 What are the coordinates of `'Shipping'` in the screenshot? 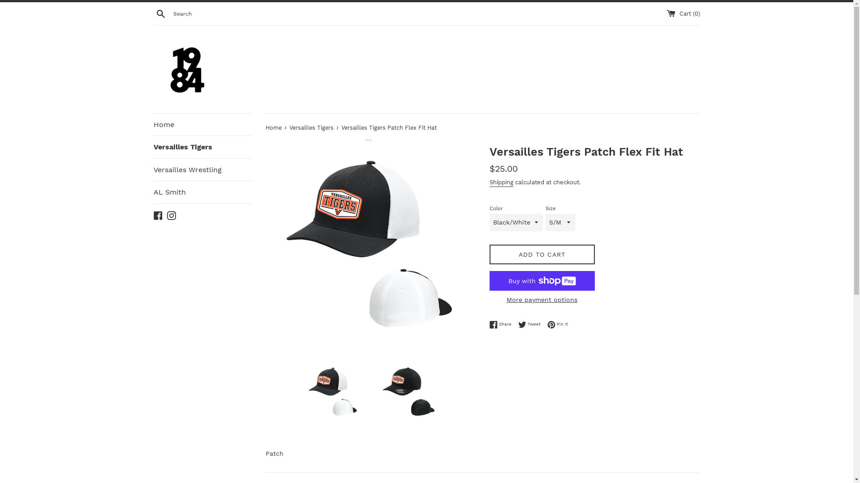 It's located at (500, 182).